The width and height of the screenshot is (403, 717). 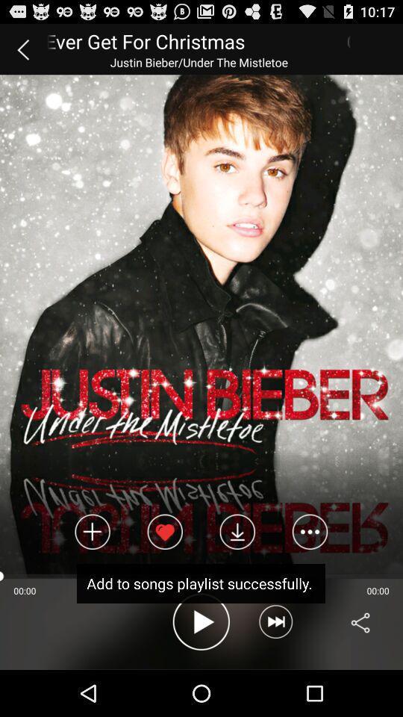 What do you see at coordinates (164, 568) in the screenshot?
I see `the favorite icon` at bounding box center [164, 568].